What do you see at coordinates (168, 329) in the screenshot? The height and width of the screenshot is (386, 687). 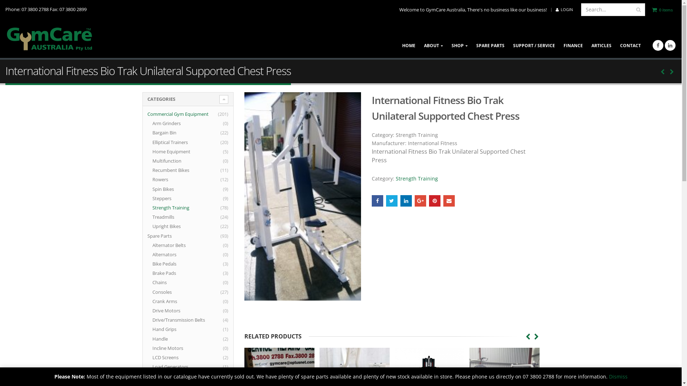 I see `'Hand Grips'` at bounding box center [168, 329].